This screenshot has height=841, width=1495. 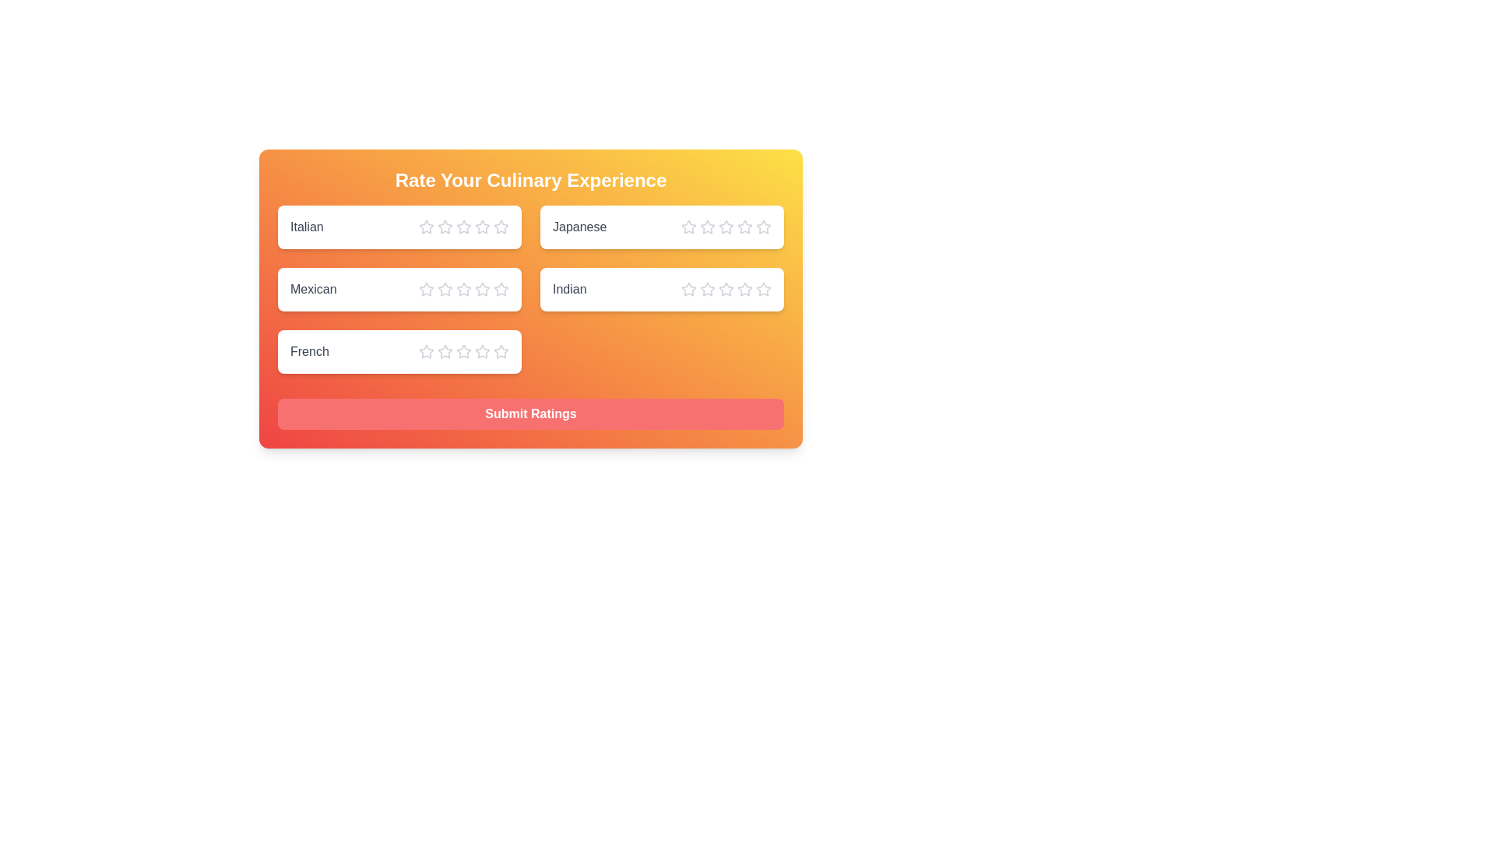 What do you see at coordinates (688, 227) in the screenshot?
I see `the star corresponding to the rating 1 for the cuisine Japanese` at bounding box center [688, 227].